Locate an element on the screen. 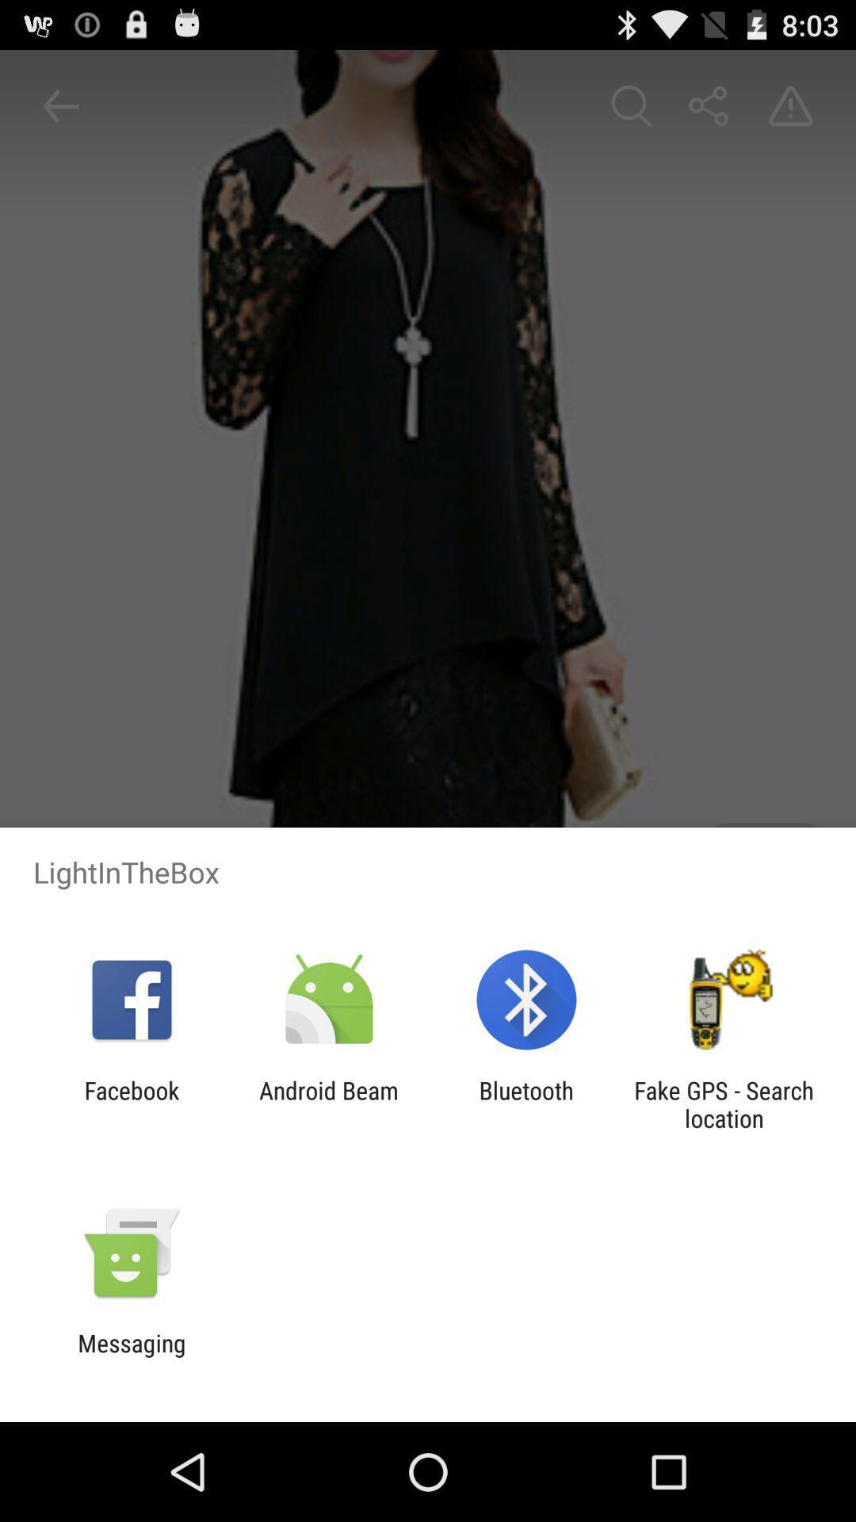 The image size is (856, 1522). the messaging app is located at coordinates (131, 1356).